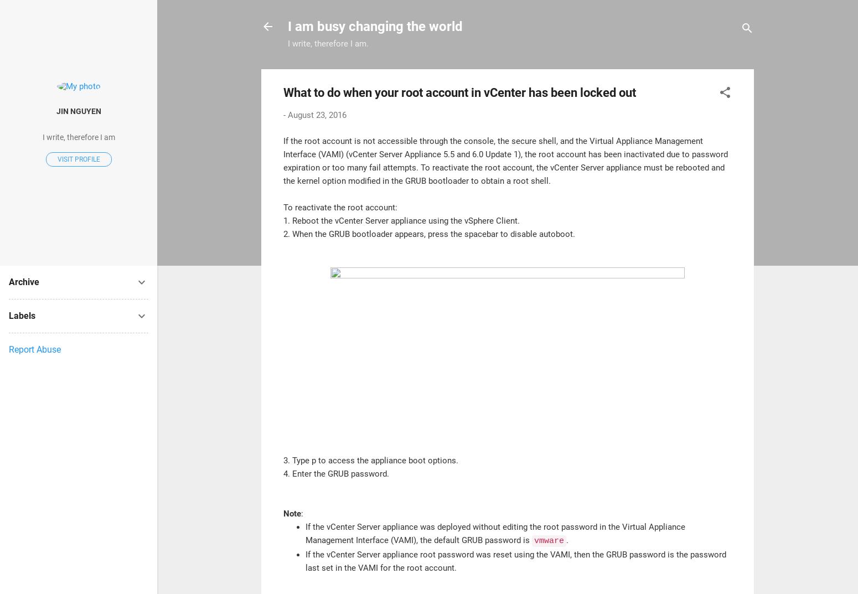 Image resolution: width=858 pixels, height=594 pixels. What do you see at coordinates (399, 167) in the screenshot?
I see `'attempts'` at bounding box center [399, 167].